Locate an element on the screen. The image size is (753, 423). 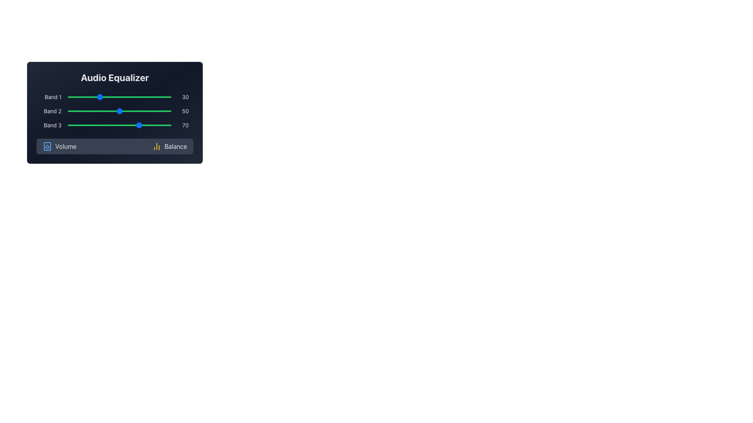
text label indicating balance settings in the audio equalizer, located to the right of the 'Volume' label and a yellow histogram-like icon is located at coordinates (175, 146).